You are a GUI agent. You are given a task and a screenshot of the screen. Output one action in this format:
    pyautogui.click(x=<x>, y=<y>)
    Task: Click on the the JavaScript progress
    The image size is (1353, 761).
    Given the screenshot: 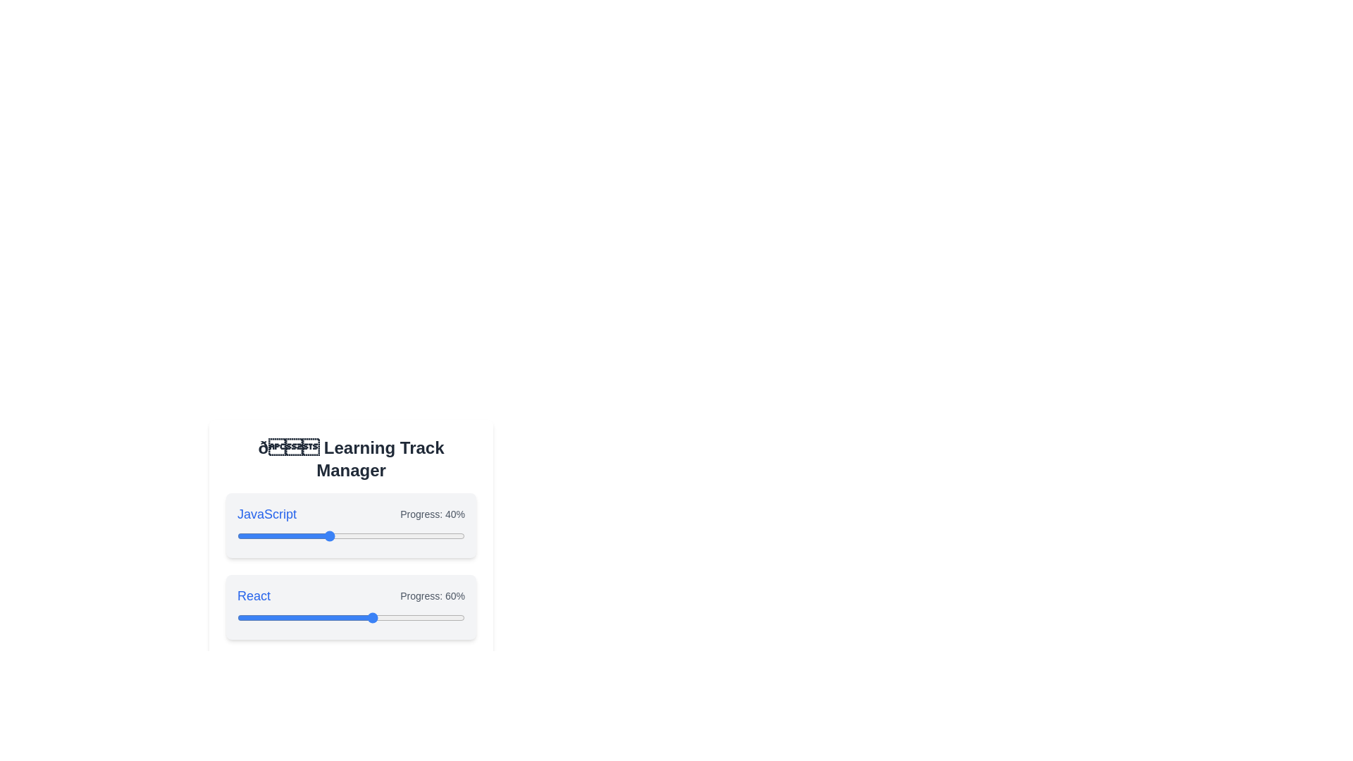 What is the action you would take?
    pyautogui.click(x=443, y=536)
    